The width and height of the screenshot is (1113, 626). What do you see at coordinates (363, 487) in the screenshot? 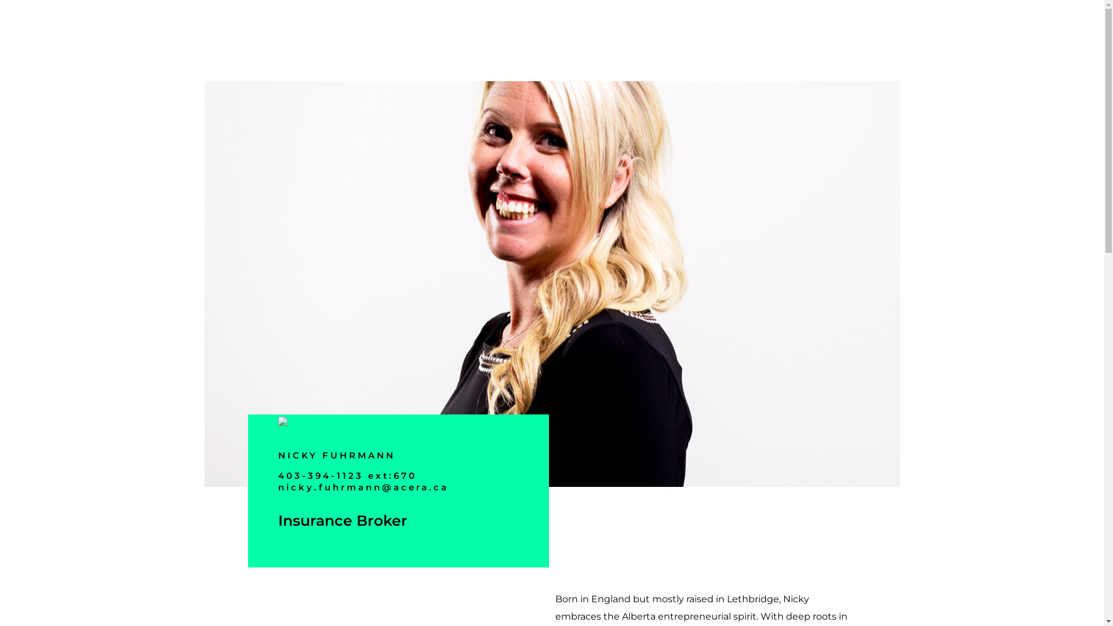
I see `'nicky.fuhrmann@acera.ca'` at bounding box center [363, 487].